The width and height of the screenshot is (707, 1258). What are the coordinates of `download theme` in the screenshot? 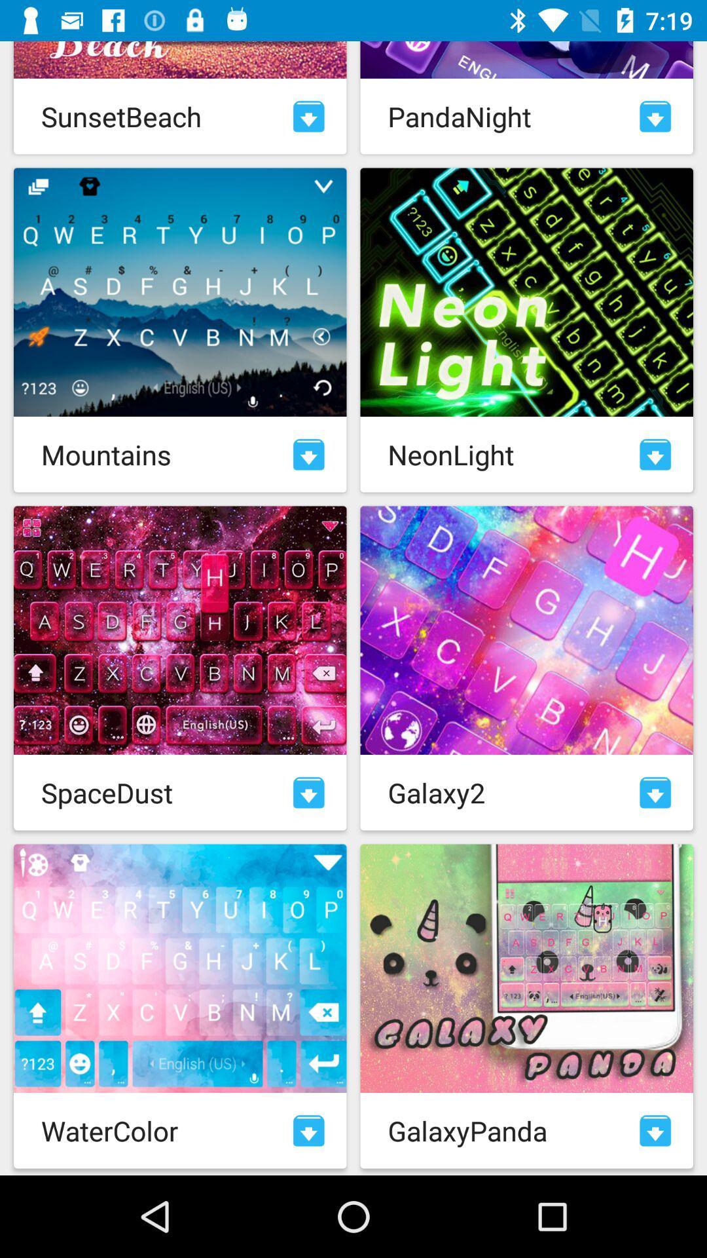 It's located at (655, 1130).